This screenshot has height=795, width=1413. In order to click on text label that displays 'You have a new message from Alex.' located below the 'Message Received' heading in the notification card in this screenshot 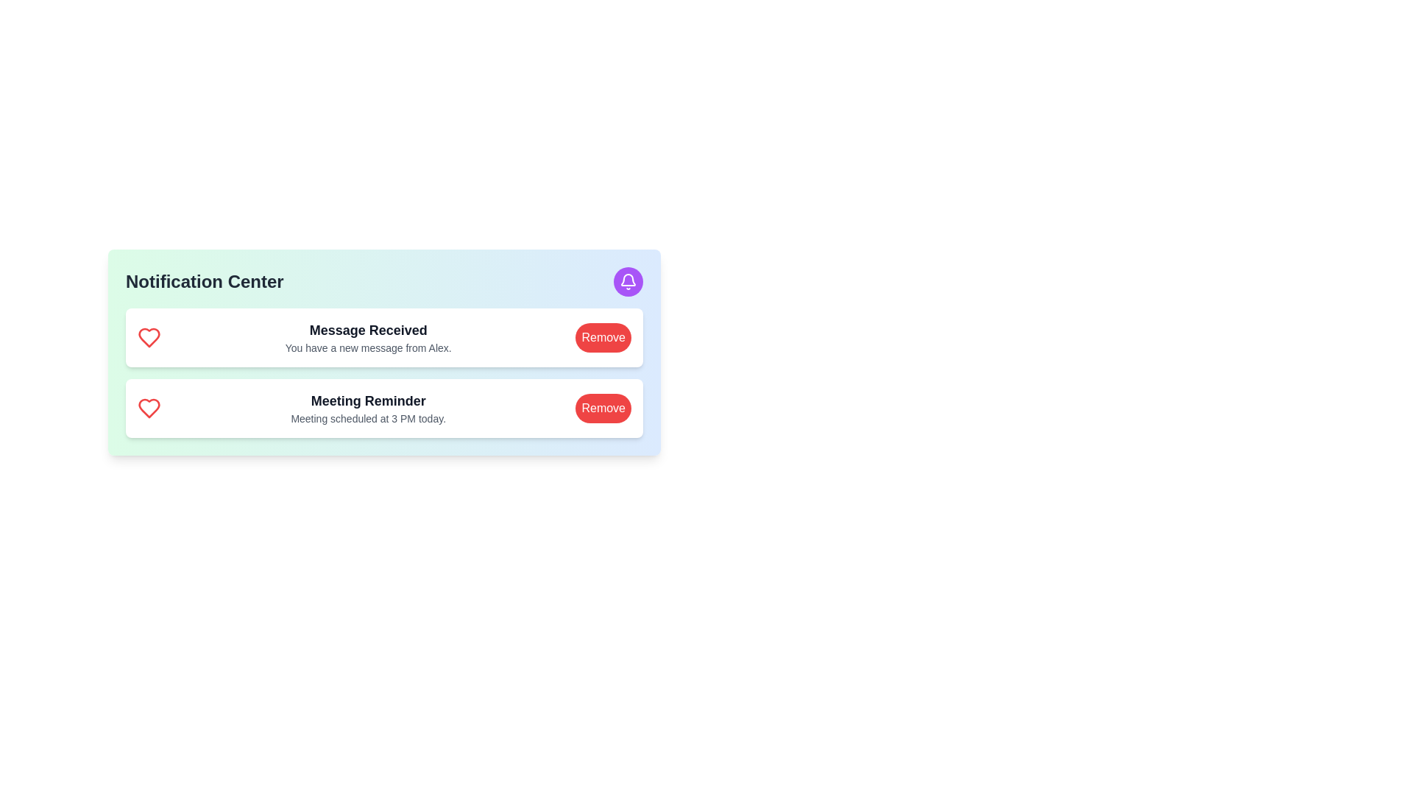, I will do `click(368, 348)`.